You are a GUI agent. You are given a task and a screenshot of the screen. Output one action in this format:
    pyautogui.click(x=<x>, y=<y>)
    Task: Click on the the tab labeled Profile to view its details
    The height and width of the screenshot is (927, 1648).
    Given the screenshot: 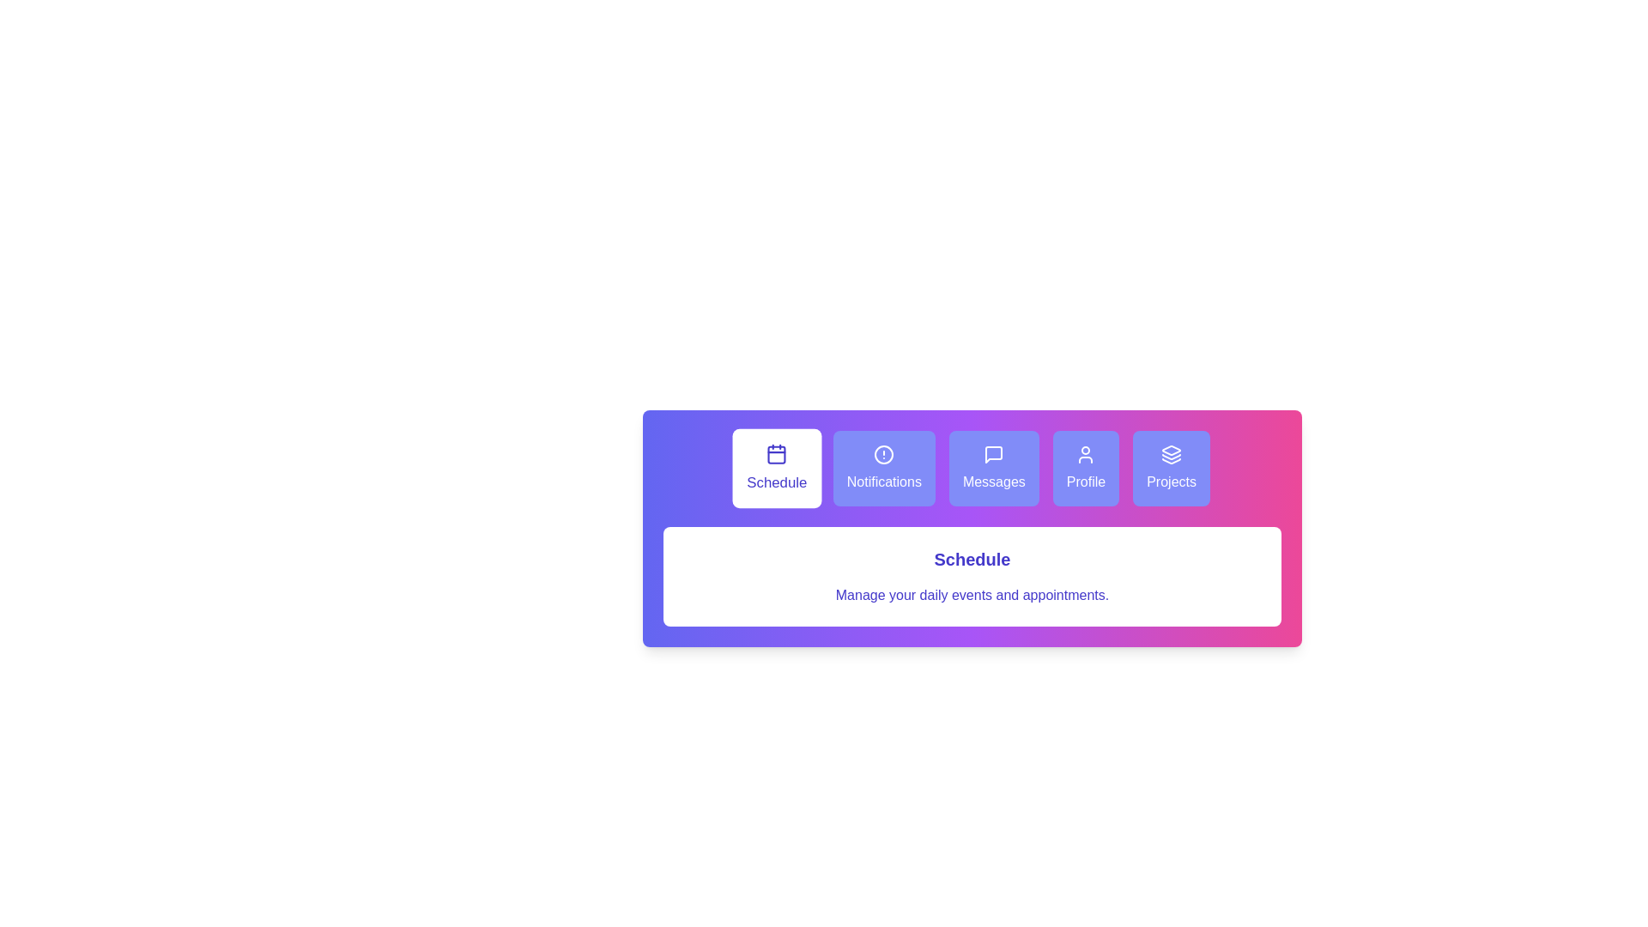 What is the action you would take?
    pyautogui.click(x=1085, y=469)
    